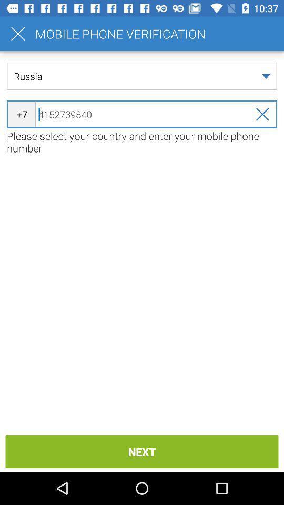 The image size is (284, 505). Describe the element at coordinates (142, 451) in the screenshot. I see `the item below please select your` at that location.